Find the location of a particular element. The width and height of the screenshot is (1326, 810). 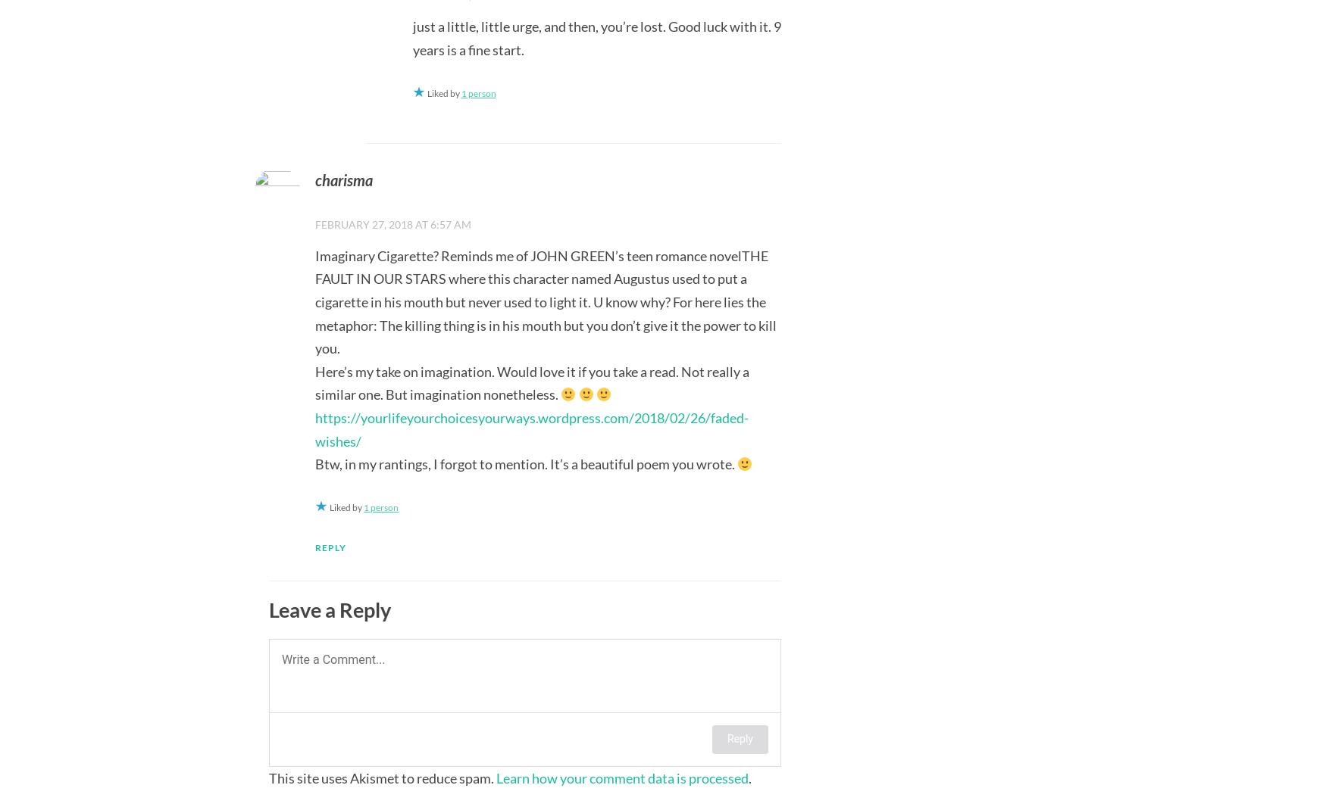

'charisma' is located at coordinates (343, 179).